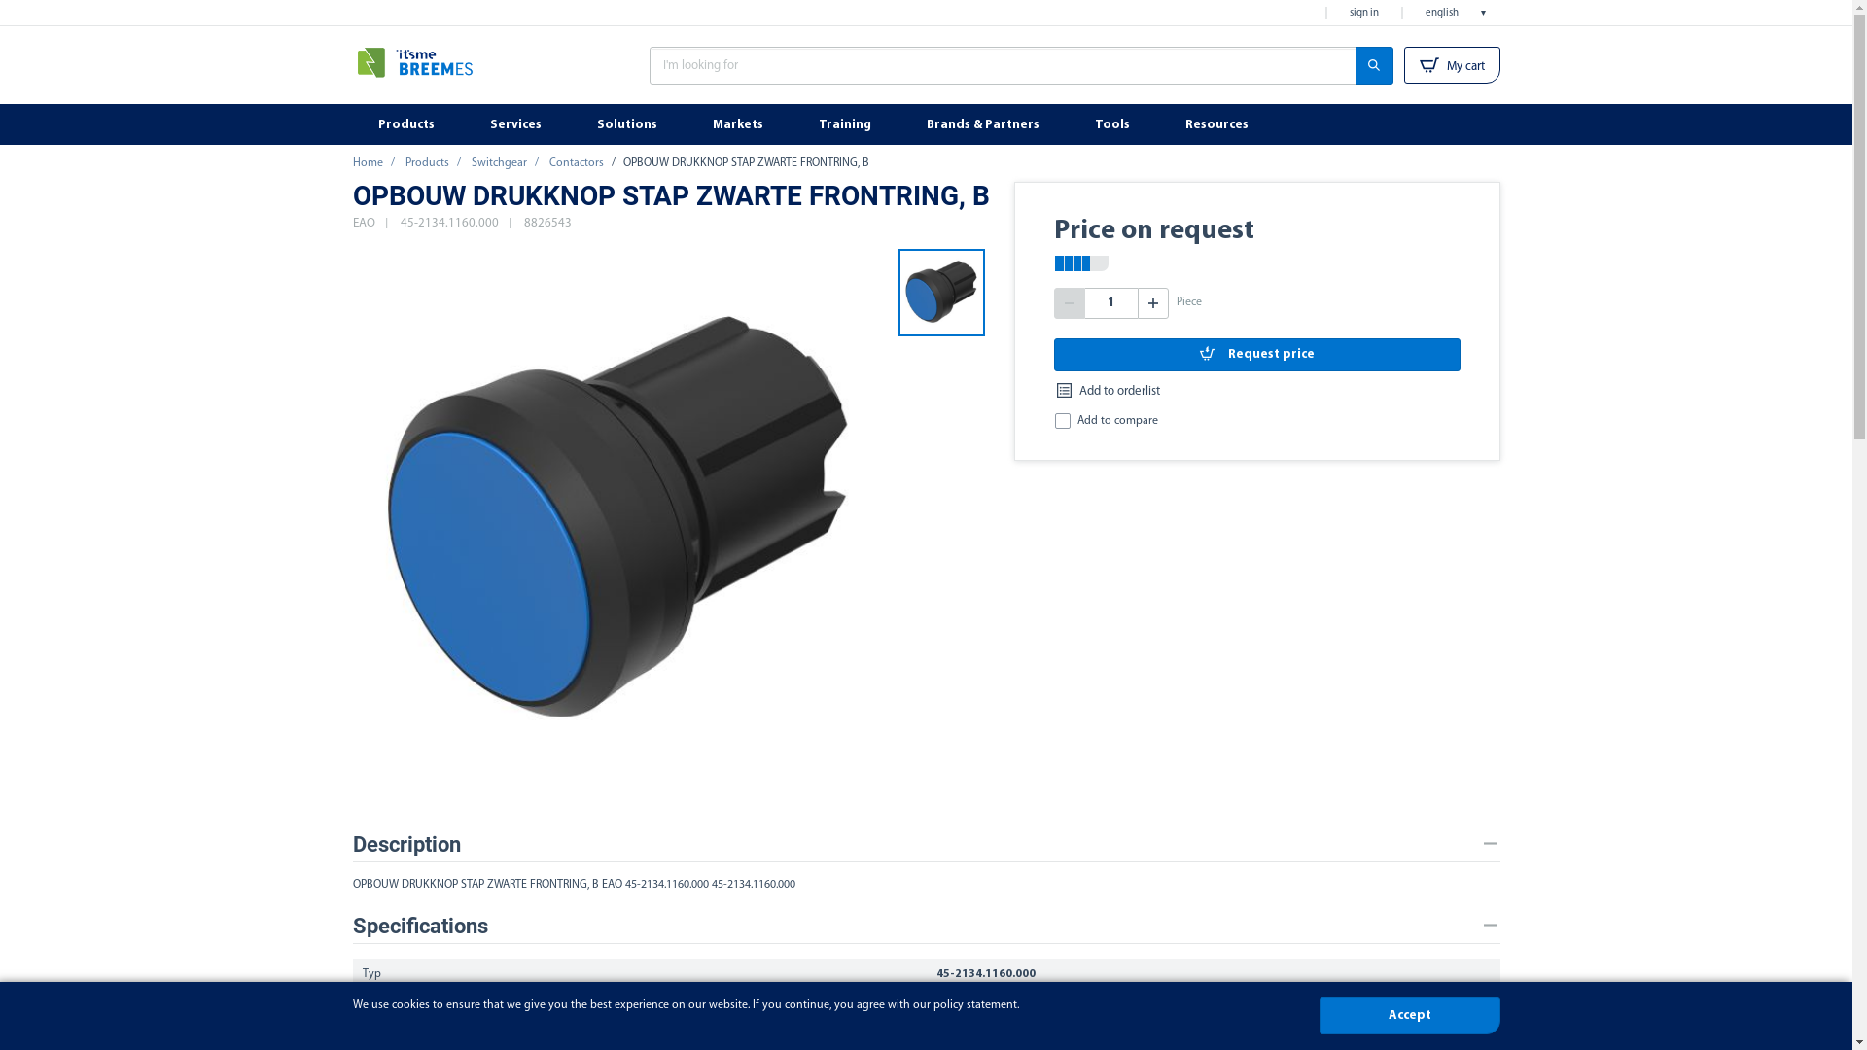 The image size is (1867, 1050). I want to click on 'My cart', so click(1404, 63).